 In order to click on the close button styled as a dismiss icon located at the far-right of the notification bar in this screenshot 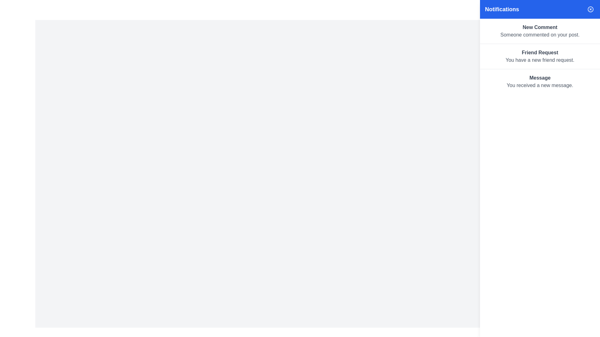, I will do `click(590, 9)`.